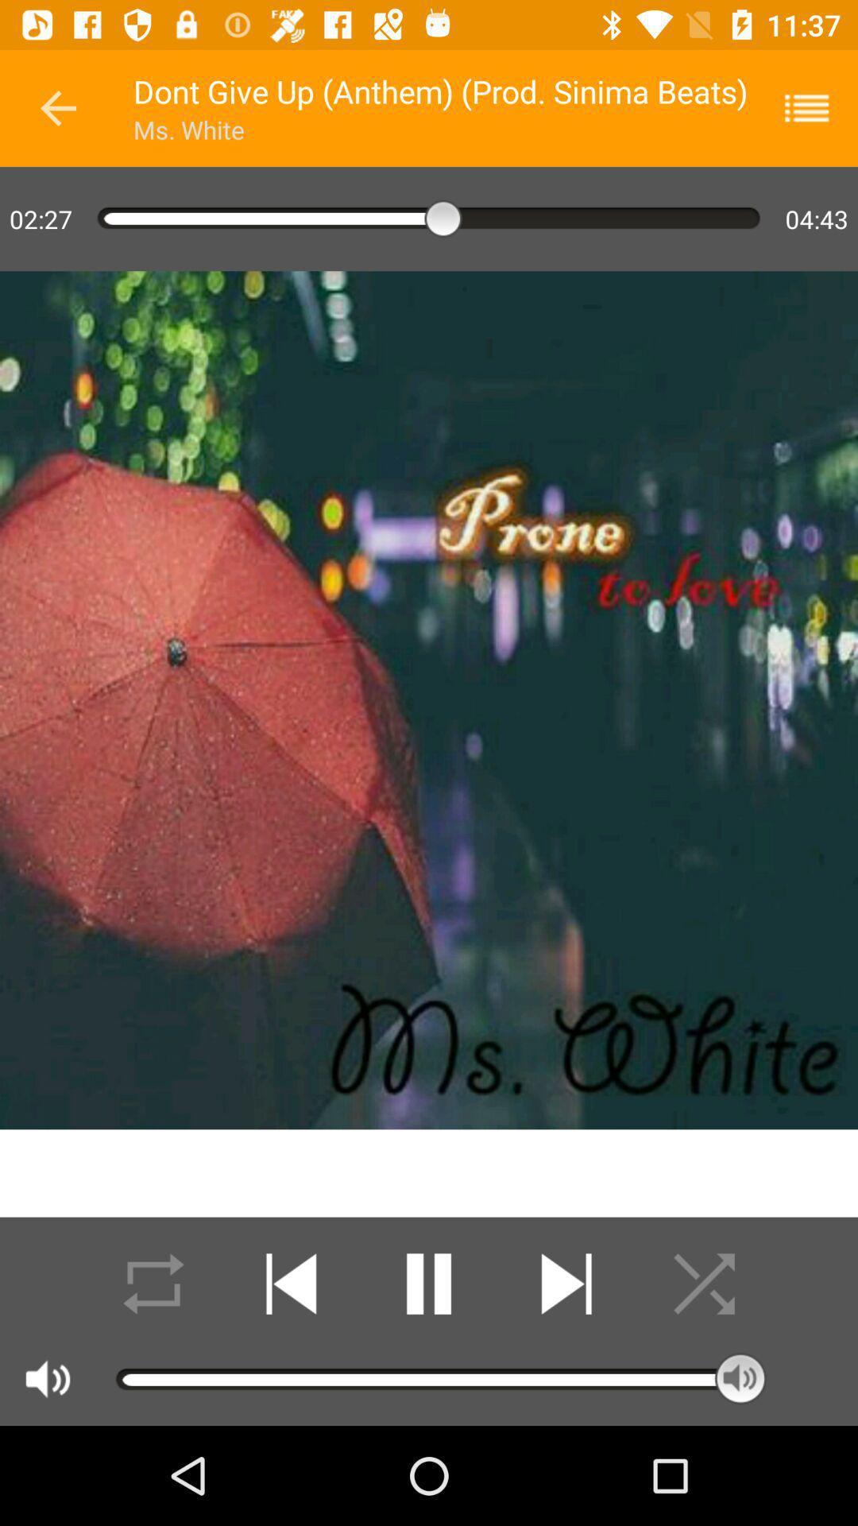 The image size is (858, 1526). Describe the element at coordinates (817, 107) in the screenshot. I see `track list` at that location.